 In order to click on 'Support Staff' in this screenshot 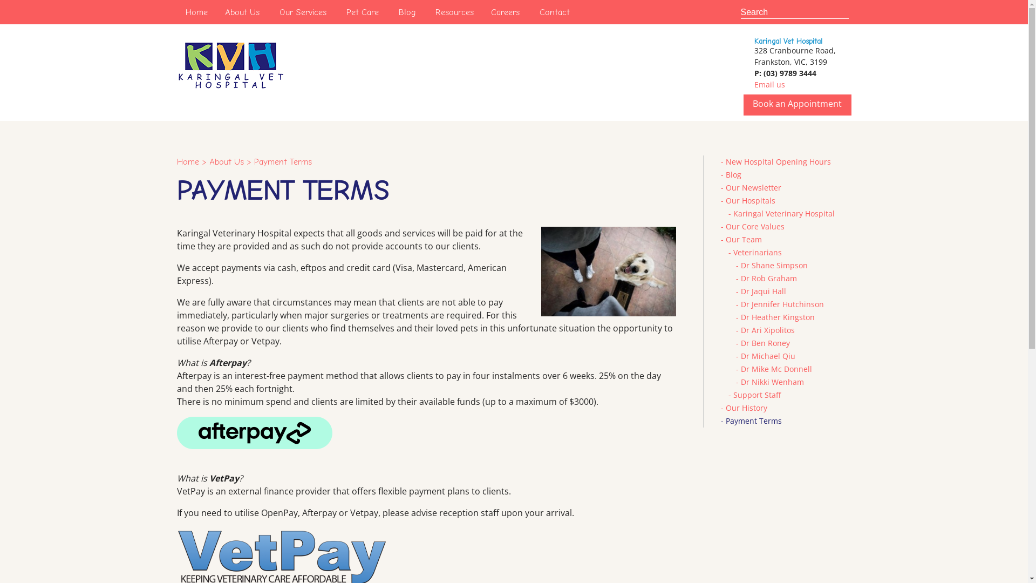, I will do `click(755, 395)`.